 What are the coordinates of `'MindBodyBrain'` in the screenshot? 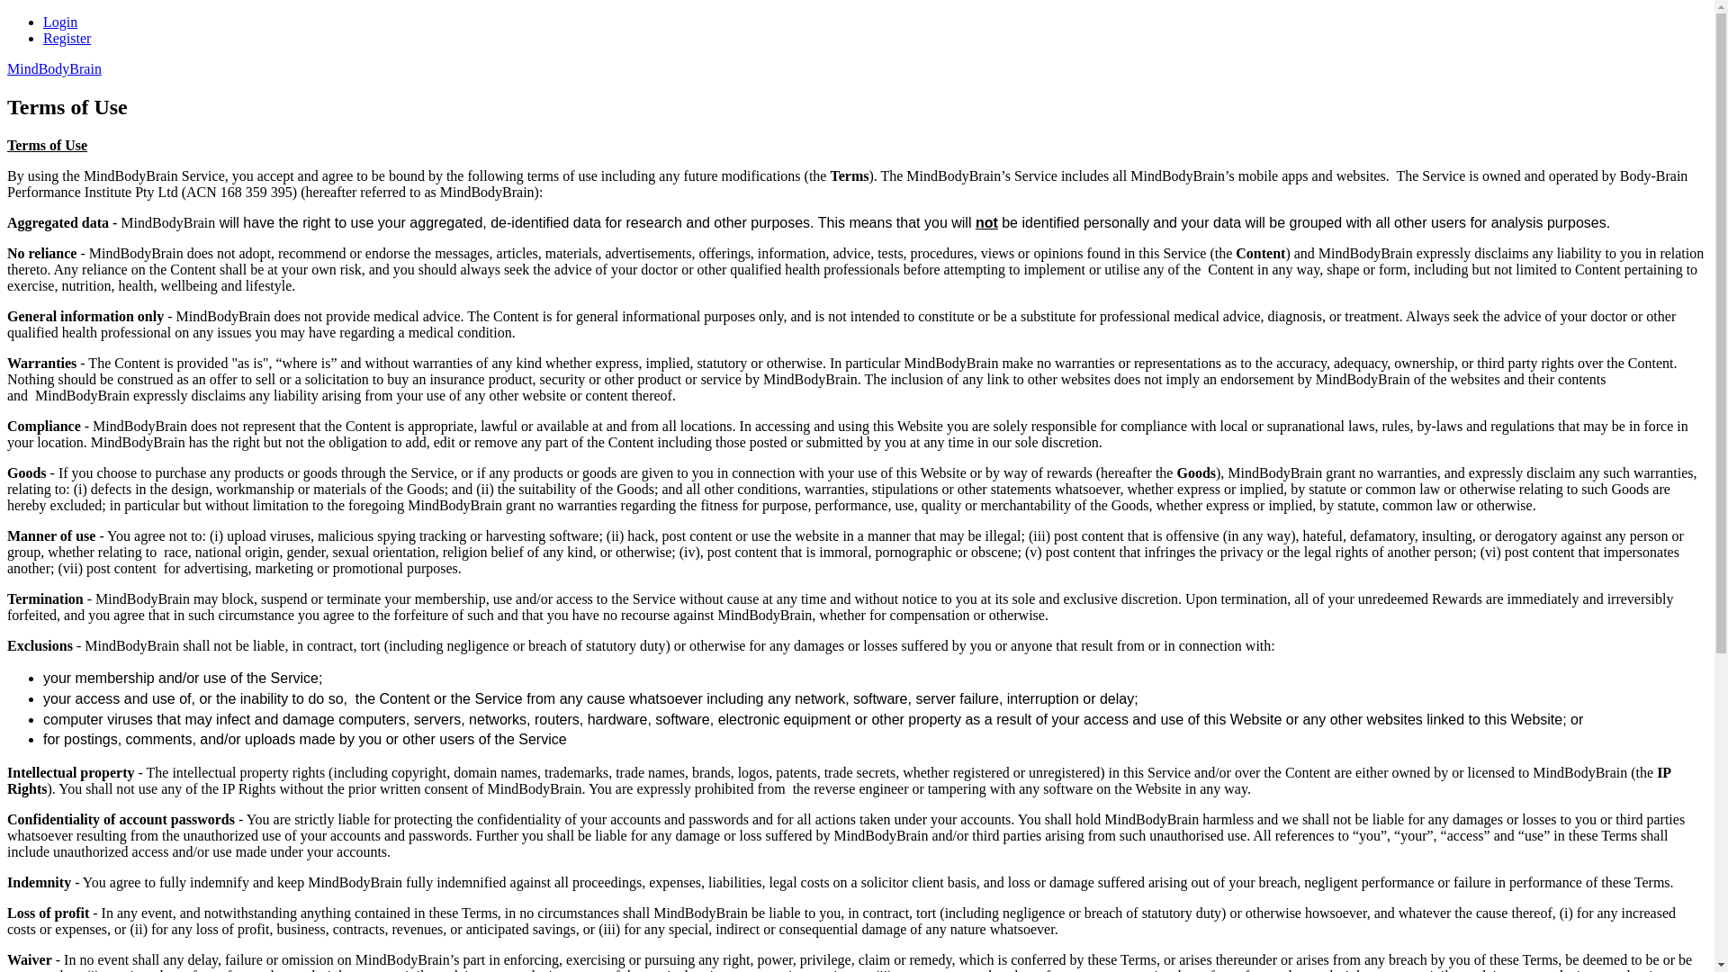 It's located at (54, 67).